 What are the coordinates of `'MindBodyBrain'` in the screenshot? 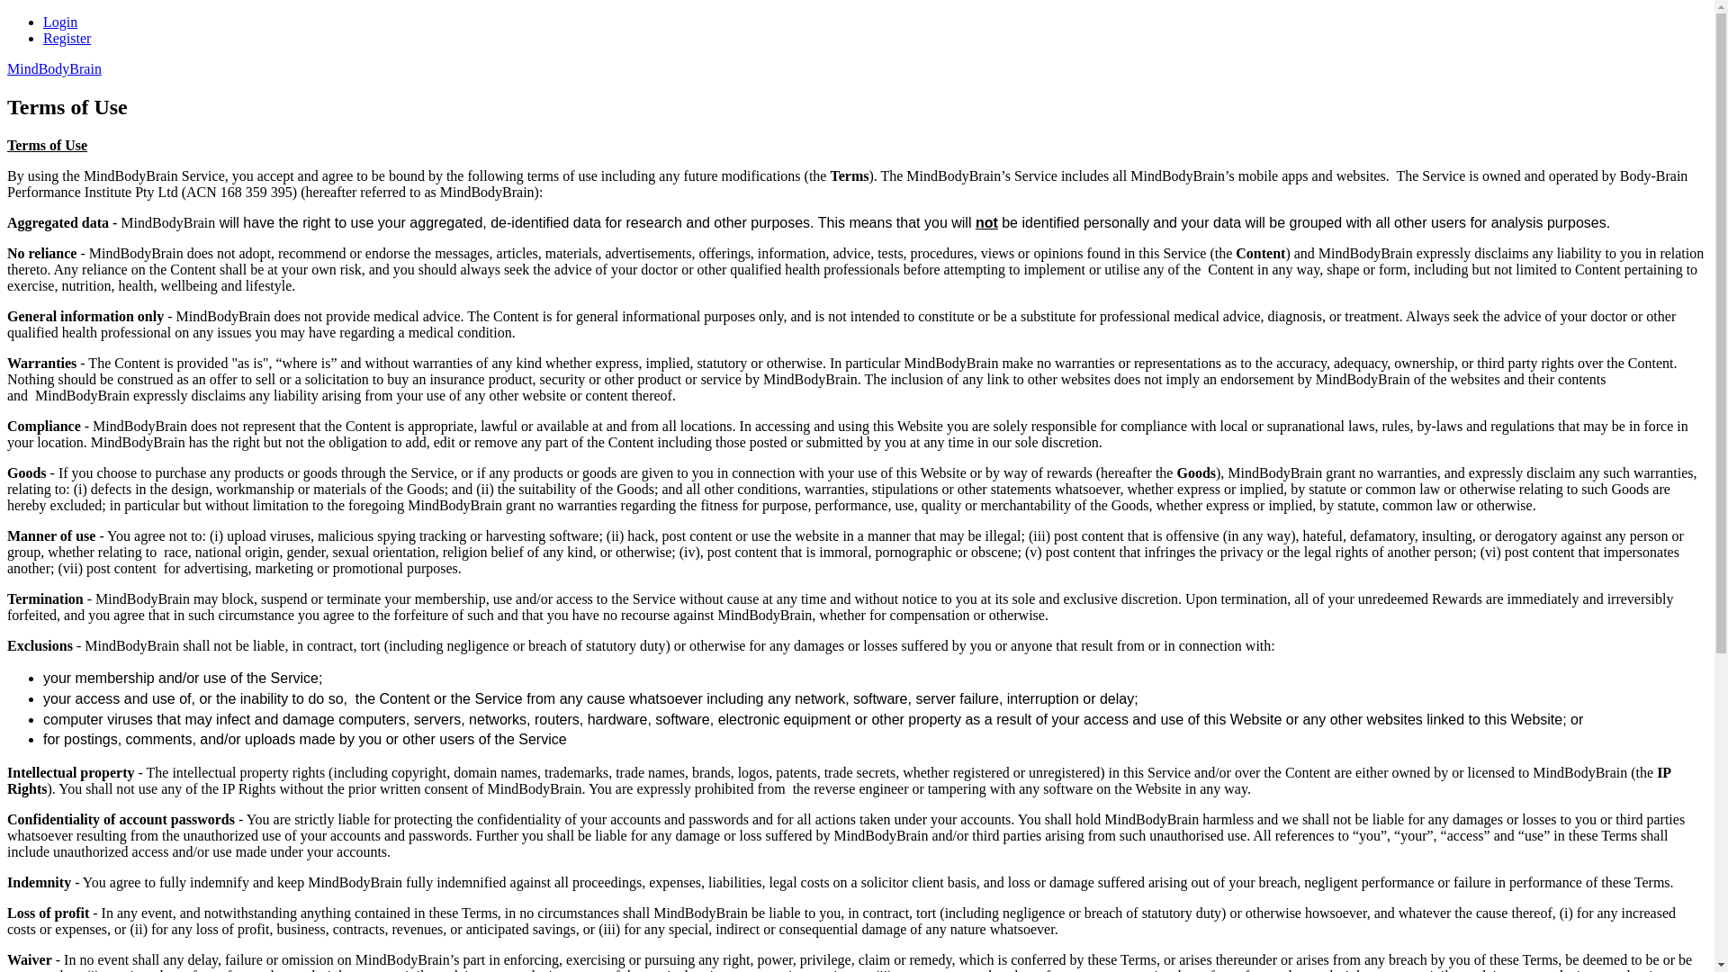 It's located at (54, 67).